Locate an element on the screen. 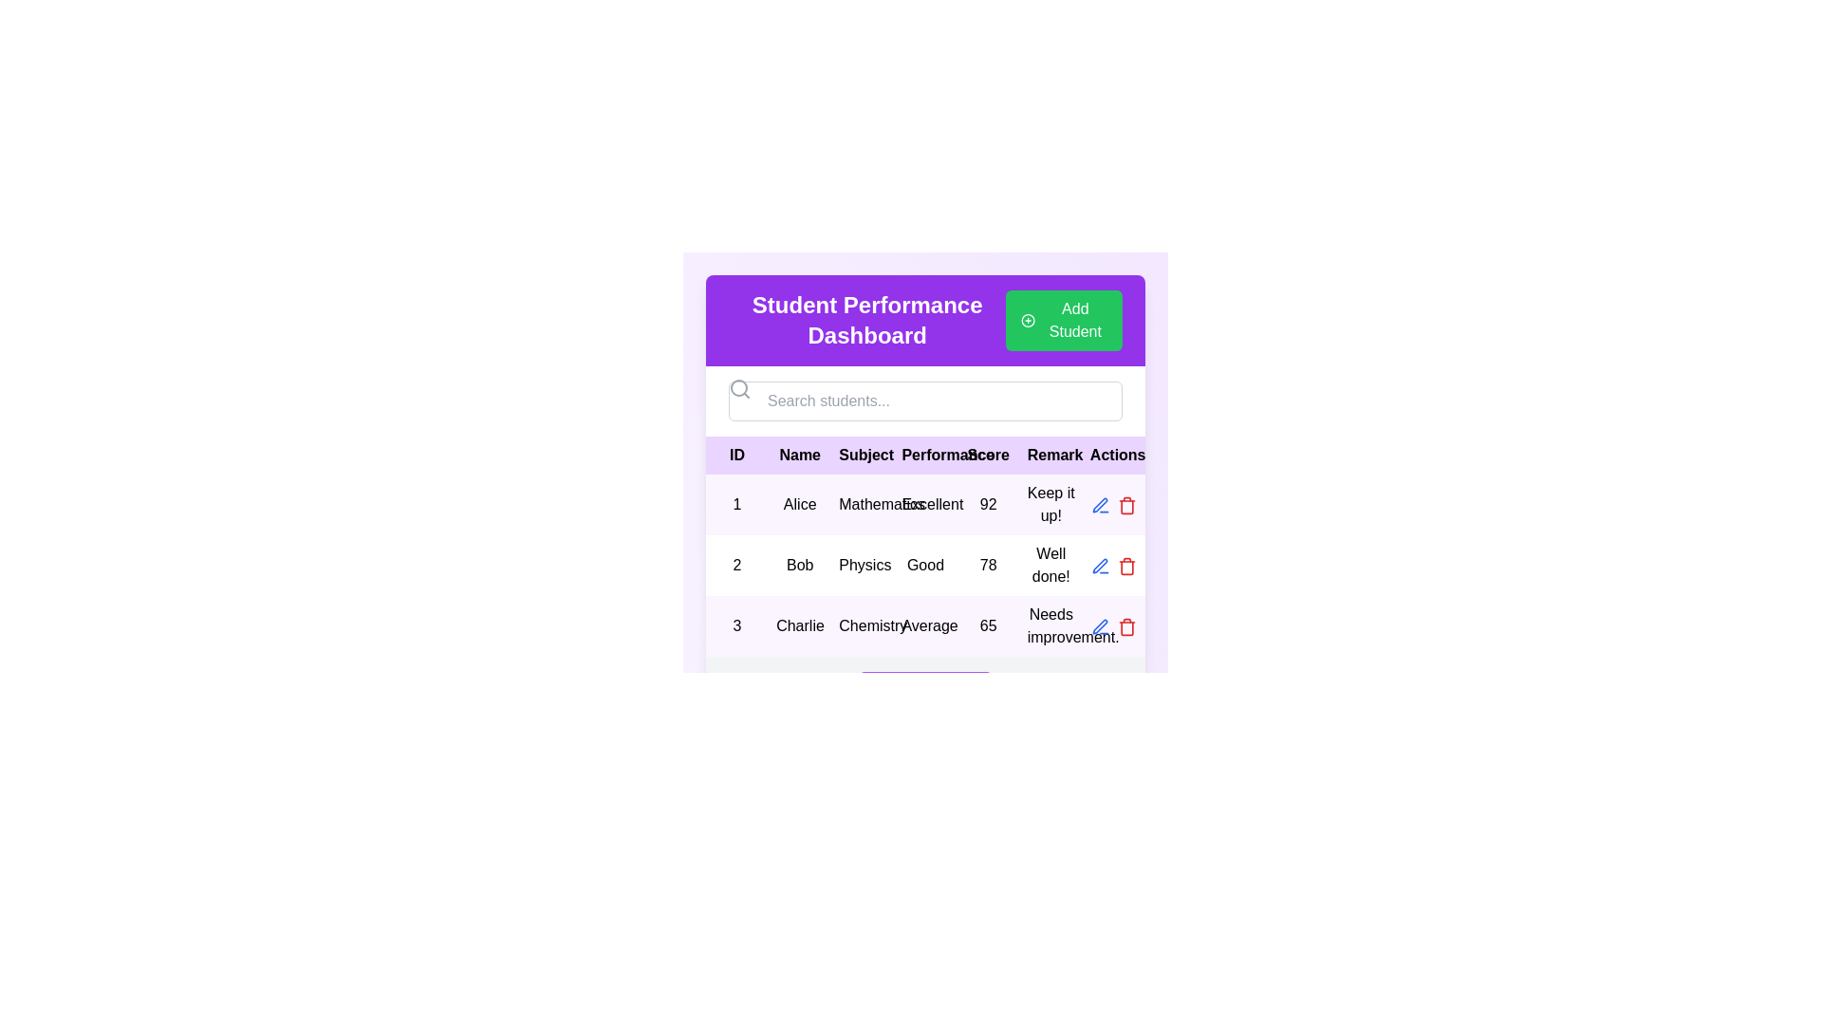  the search input box styled with a light-gray border and rounded corners is located at coordinates (925, 401).